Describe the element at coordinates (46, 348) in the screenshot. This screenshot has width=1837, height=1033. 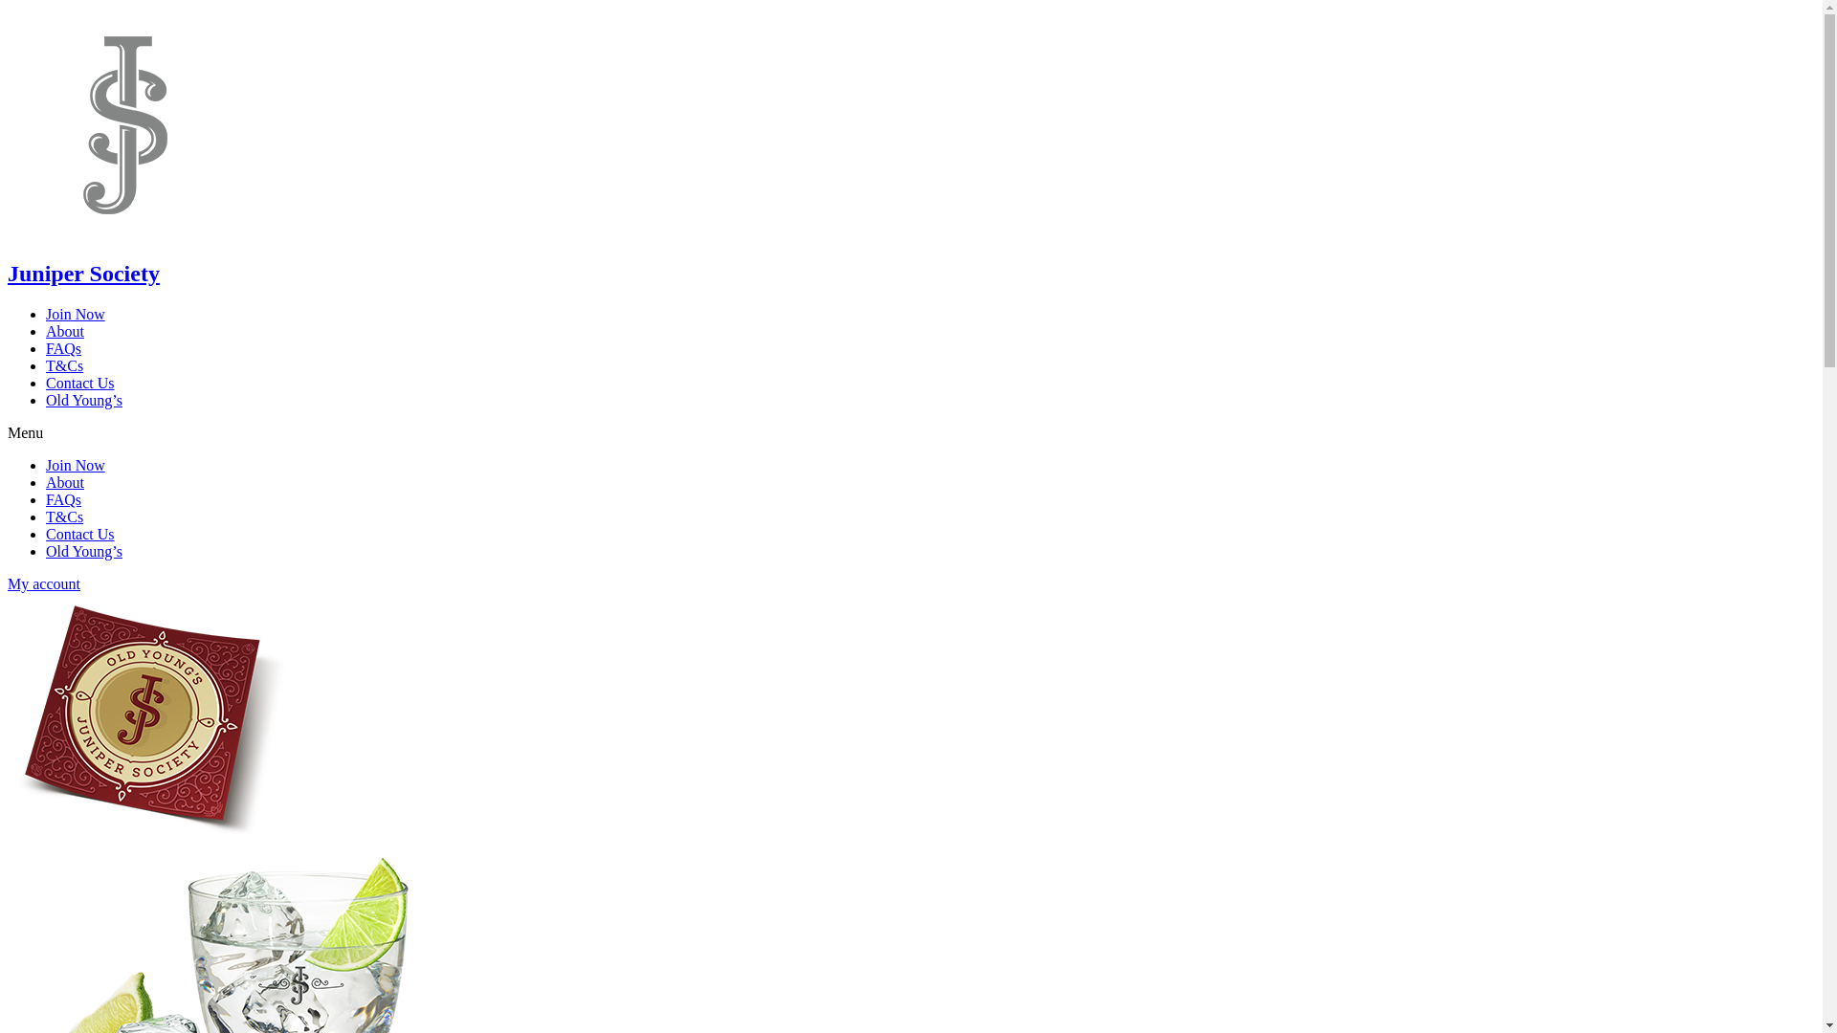
I see `'FAQs'` at that location.